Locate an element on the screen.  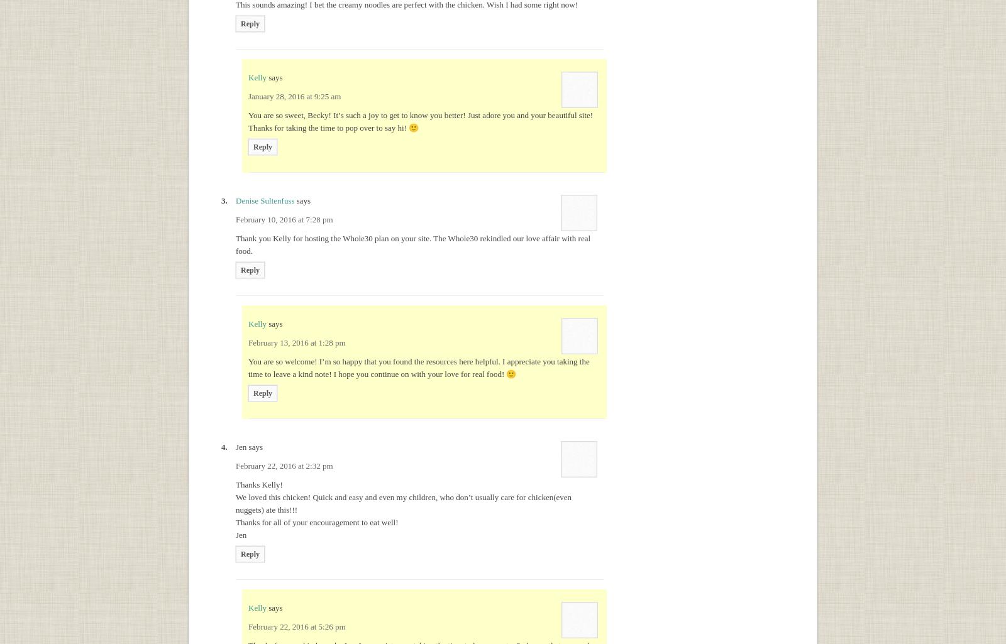
'January 28, 2016 at 9:25 am' is located at coordinates (294, 96).